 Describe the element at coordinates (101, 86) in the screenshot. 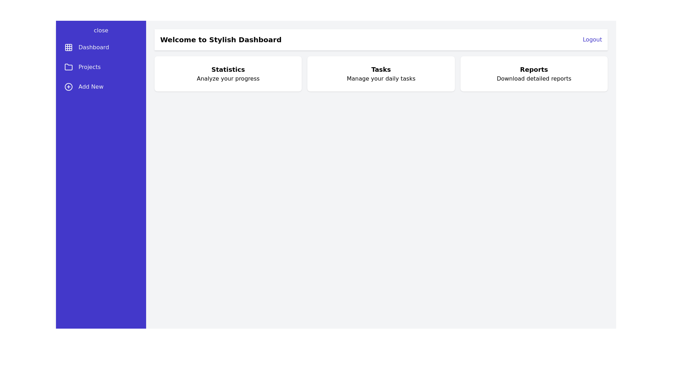

I see `the 'Add New Item' button located in the sidebar` at that location.